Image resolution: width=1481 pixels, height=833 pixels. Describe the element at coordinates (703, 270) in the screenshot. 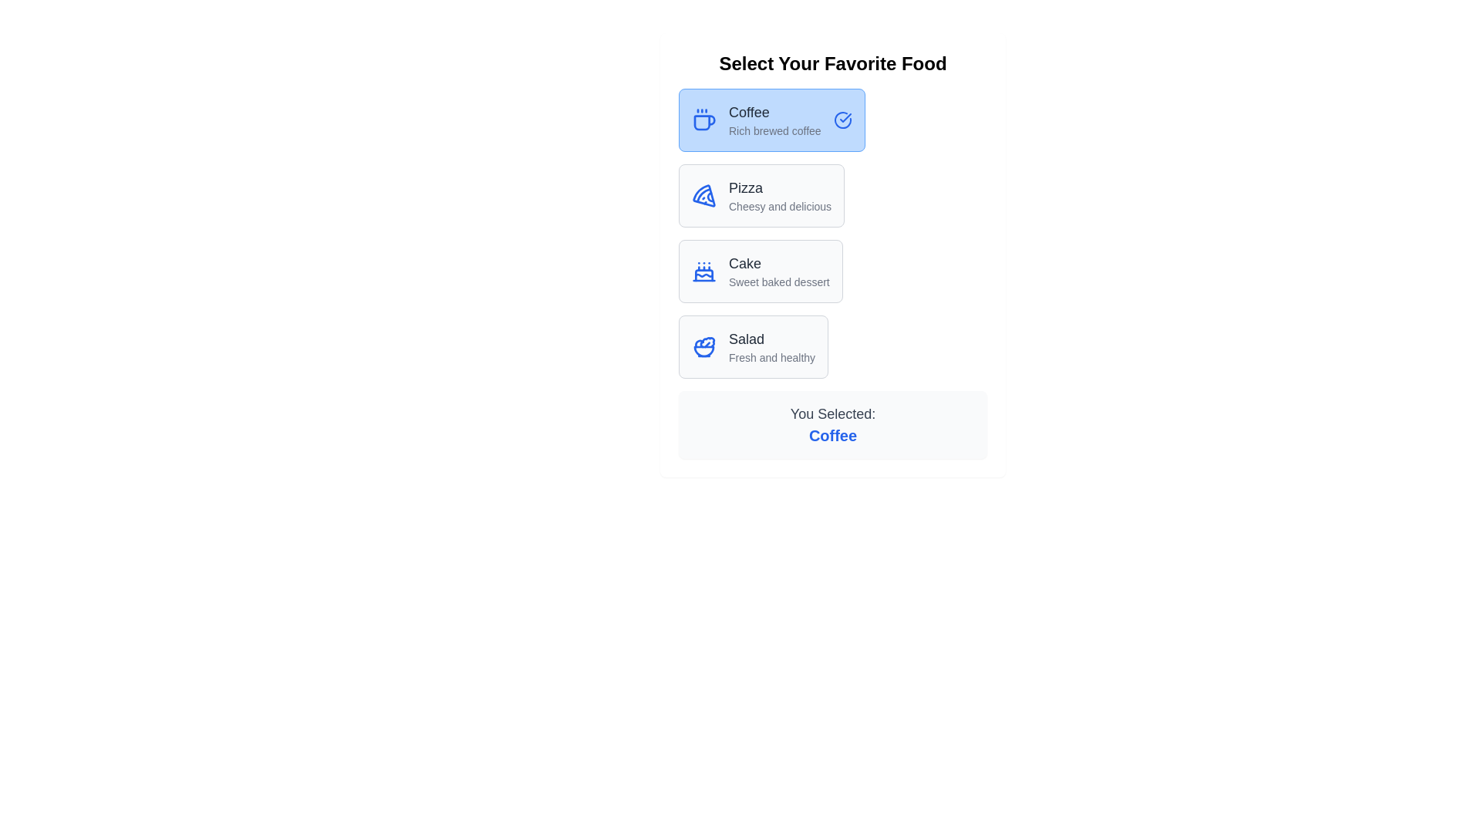

I see `the graphical representation of the 'Cake' icon, which is positioned to the left of the text 'Cake' and 'Sweet baked dessert' in the third row of the food items list under the title 'Select Your Favorite Food'` at that location.